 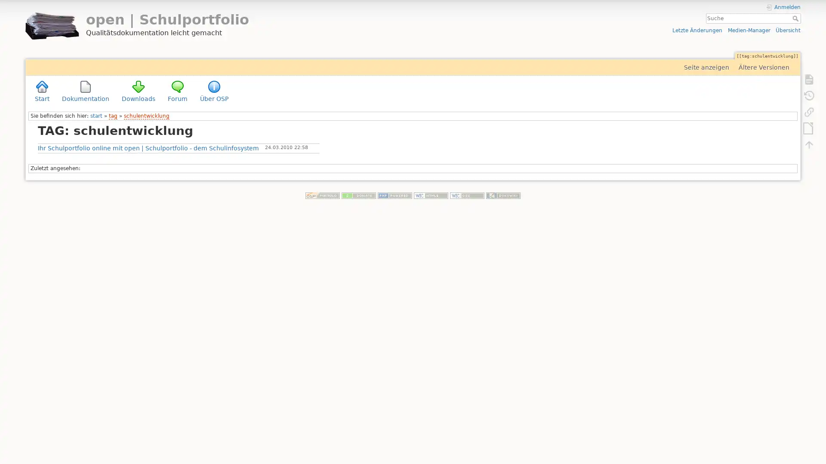 I want to click on Suche, so click(x=795, y=18).